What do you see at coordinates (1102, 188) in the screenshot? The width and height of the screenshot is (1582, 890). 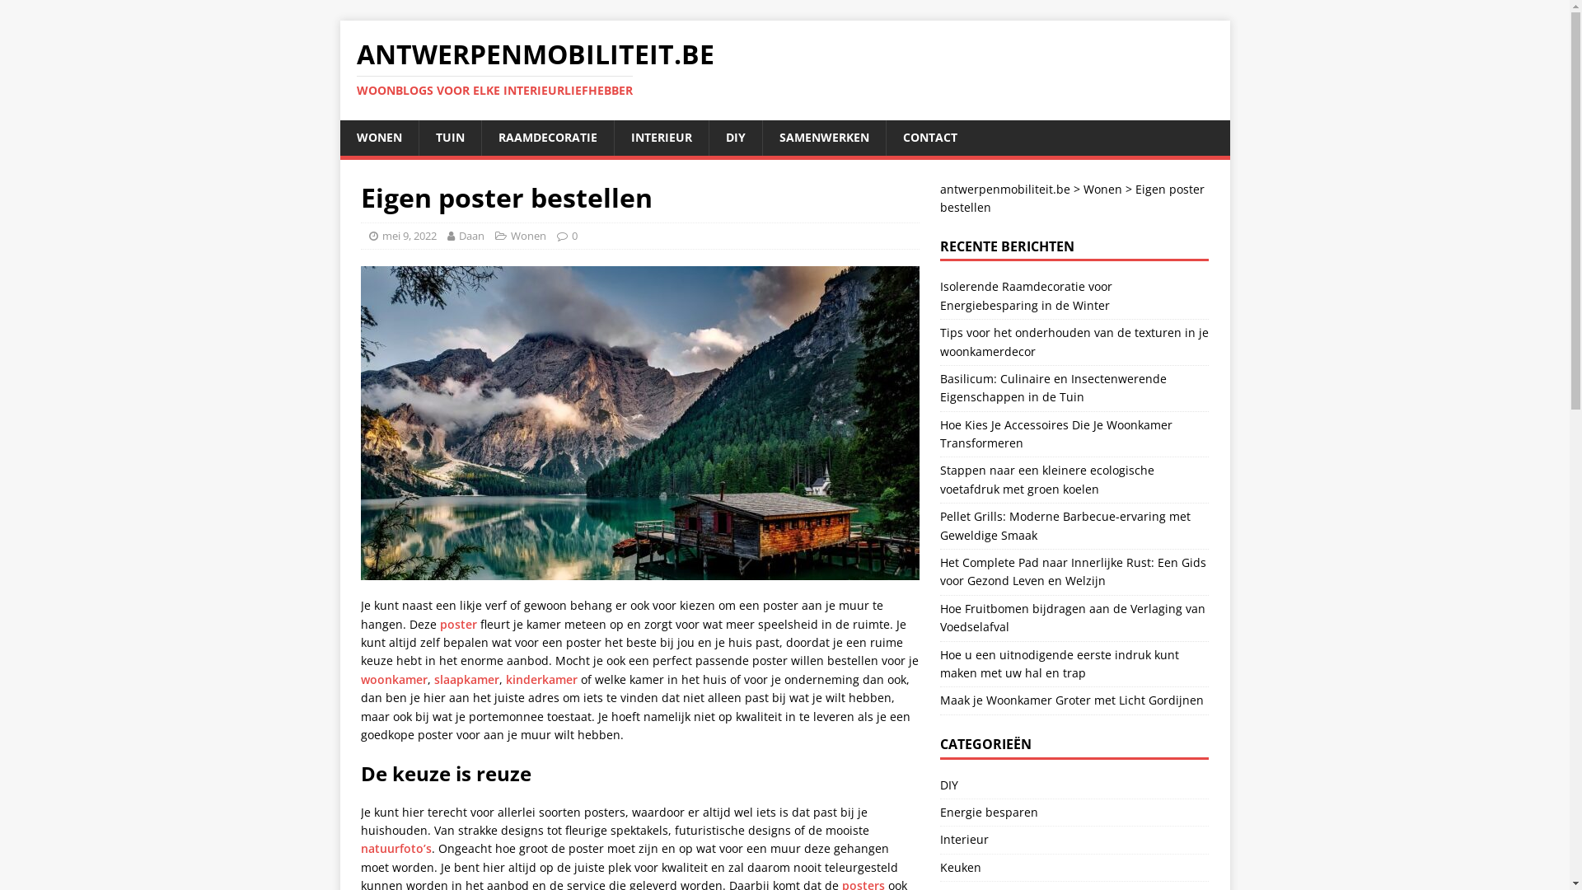 I see `'Wonen'` at bounding box center [1102, 188].